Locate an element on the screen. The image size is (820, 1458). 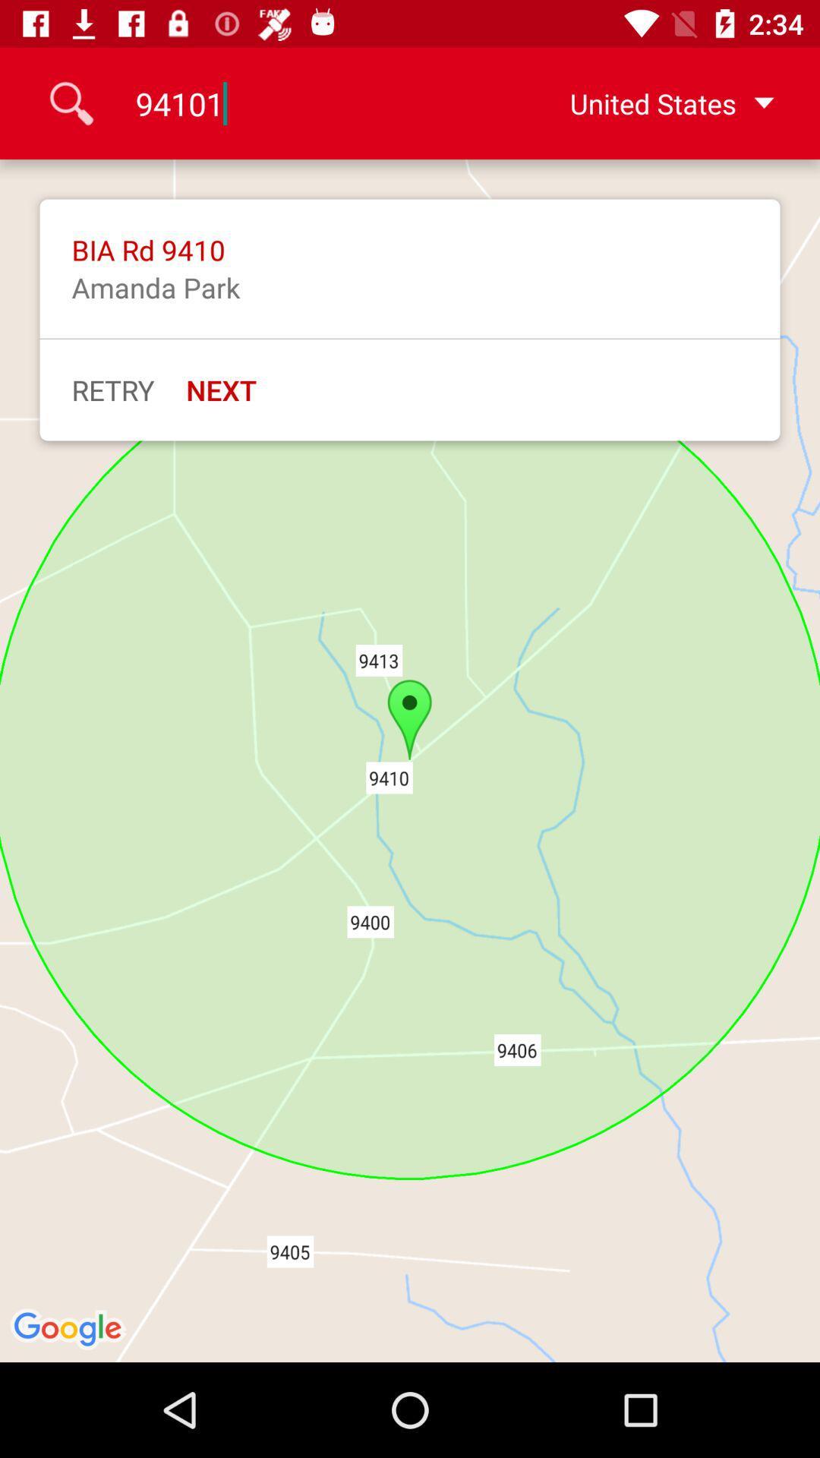
the retry icon is located at coordinates (112, 390).